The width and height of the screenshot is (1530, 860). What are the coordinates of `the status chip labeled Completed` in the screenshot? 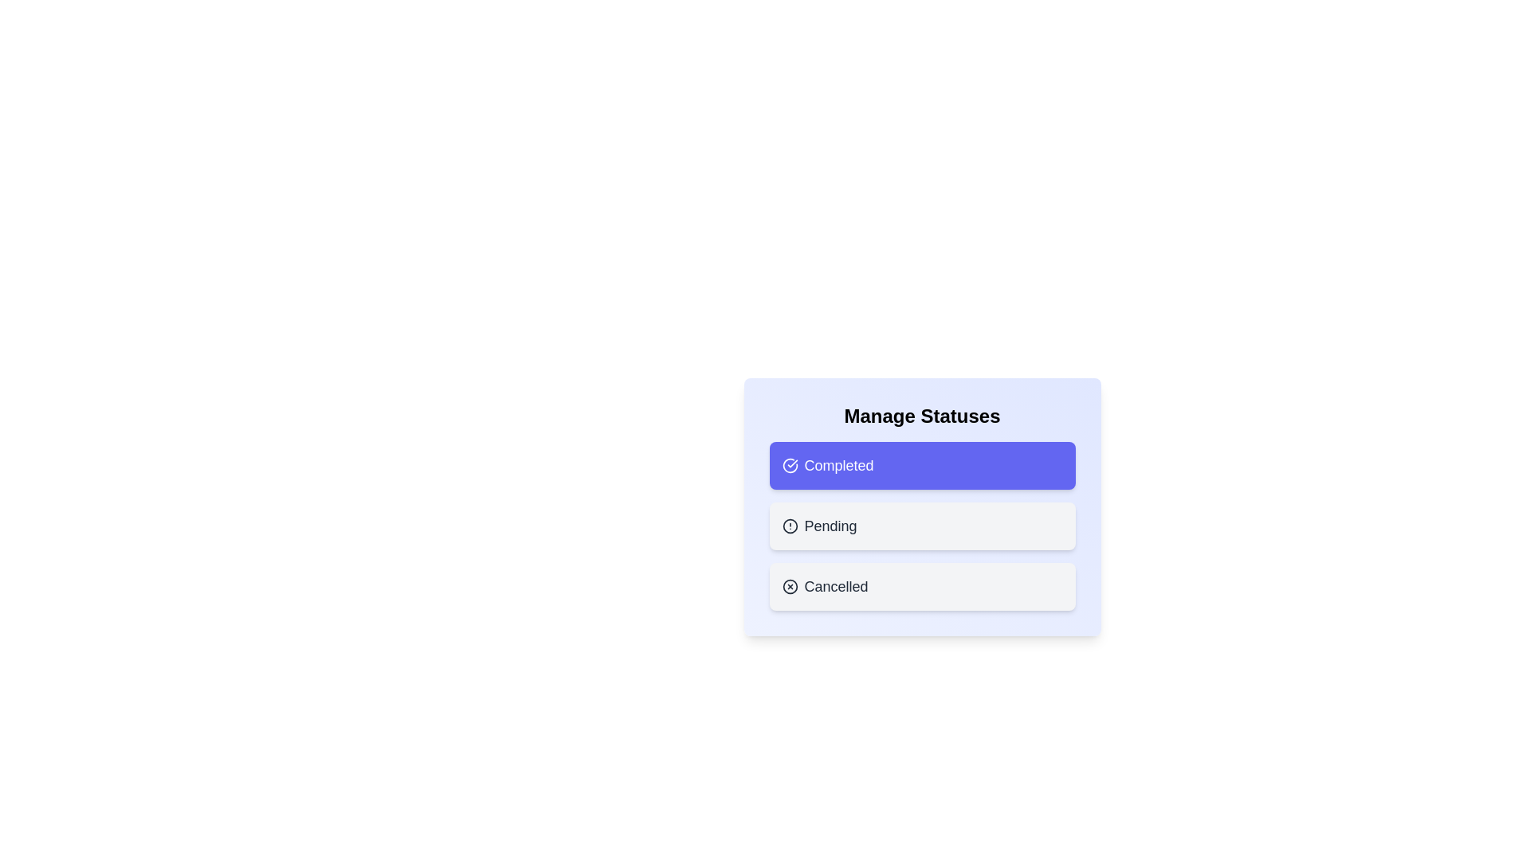 It's located at (922, 466).